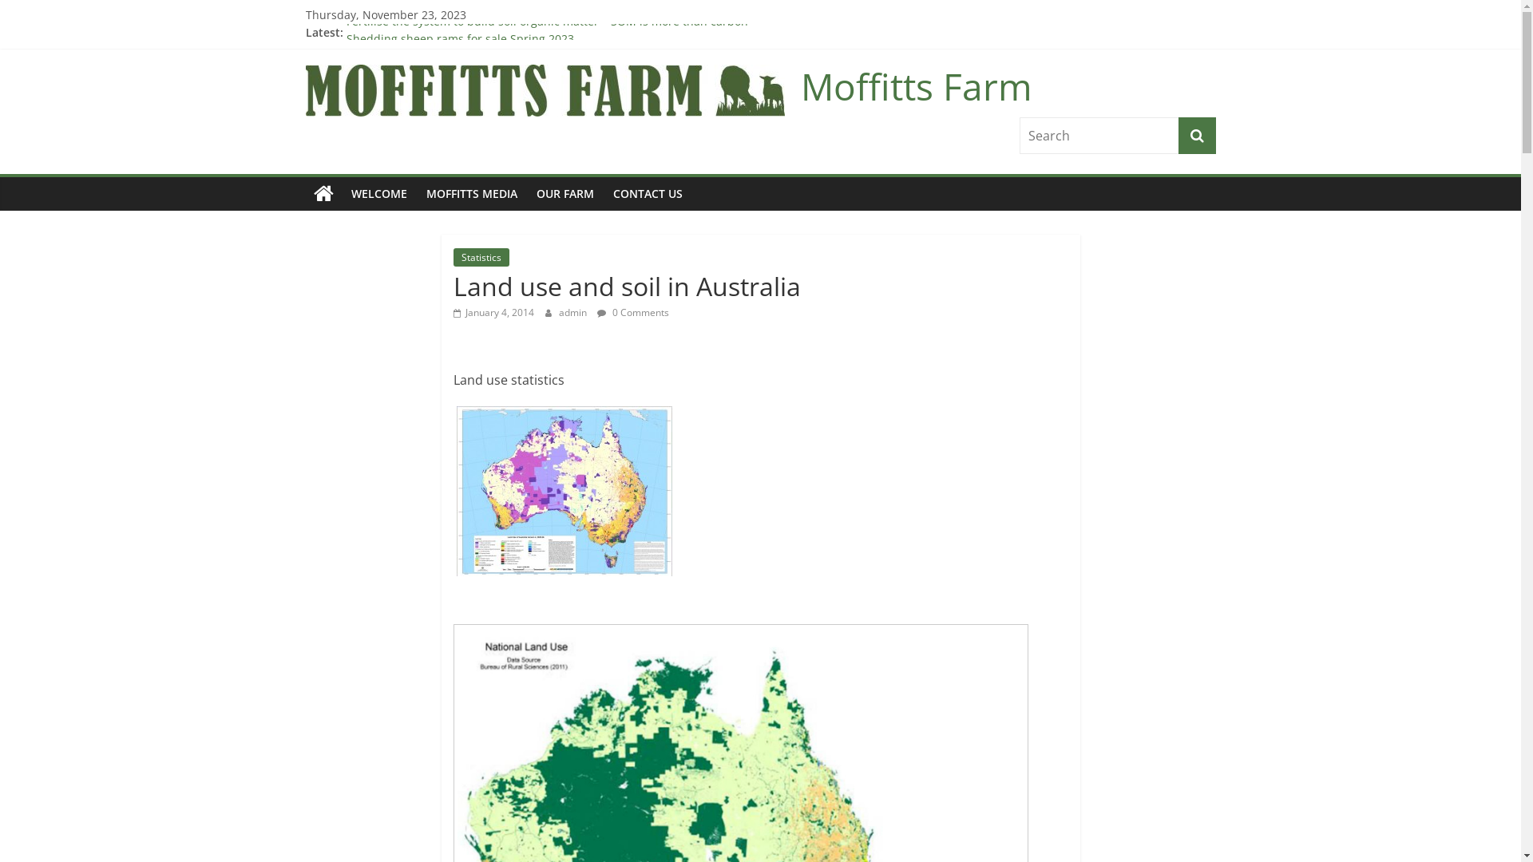  I want to click on 'OUR FARM', so click(565, 193).